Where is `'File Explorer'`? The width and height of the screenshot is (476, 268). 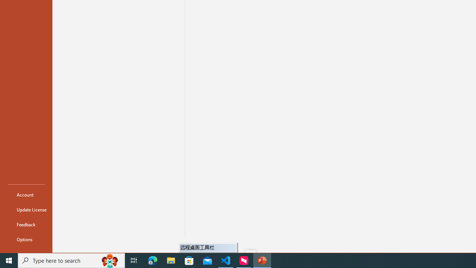 'File Explorer' is located at coordinates (171, 260).